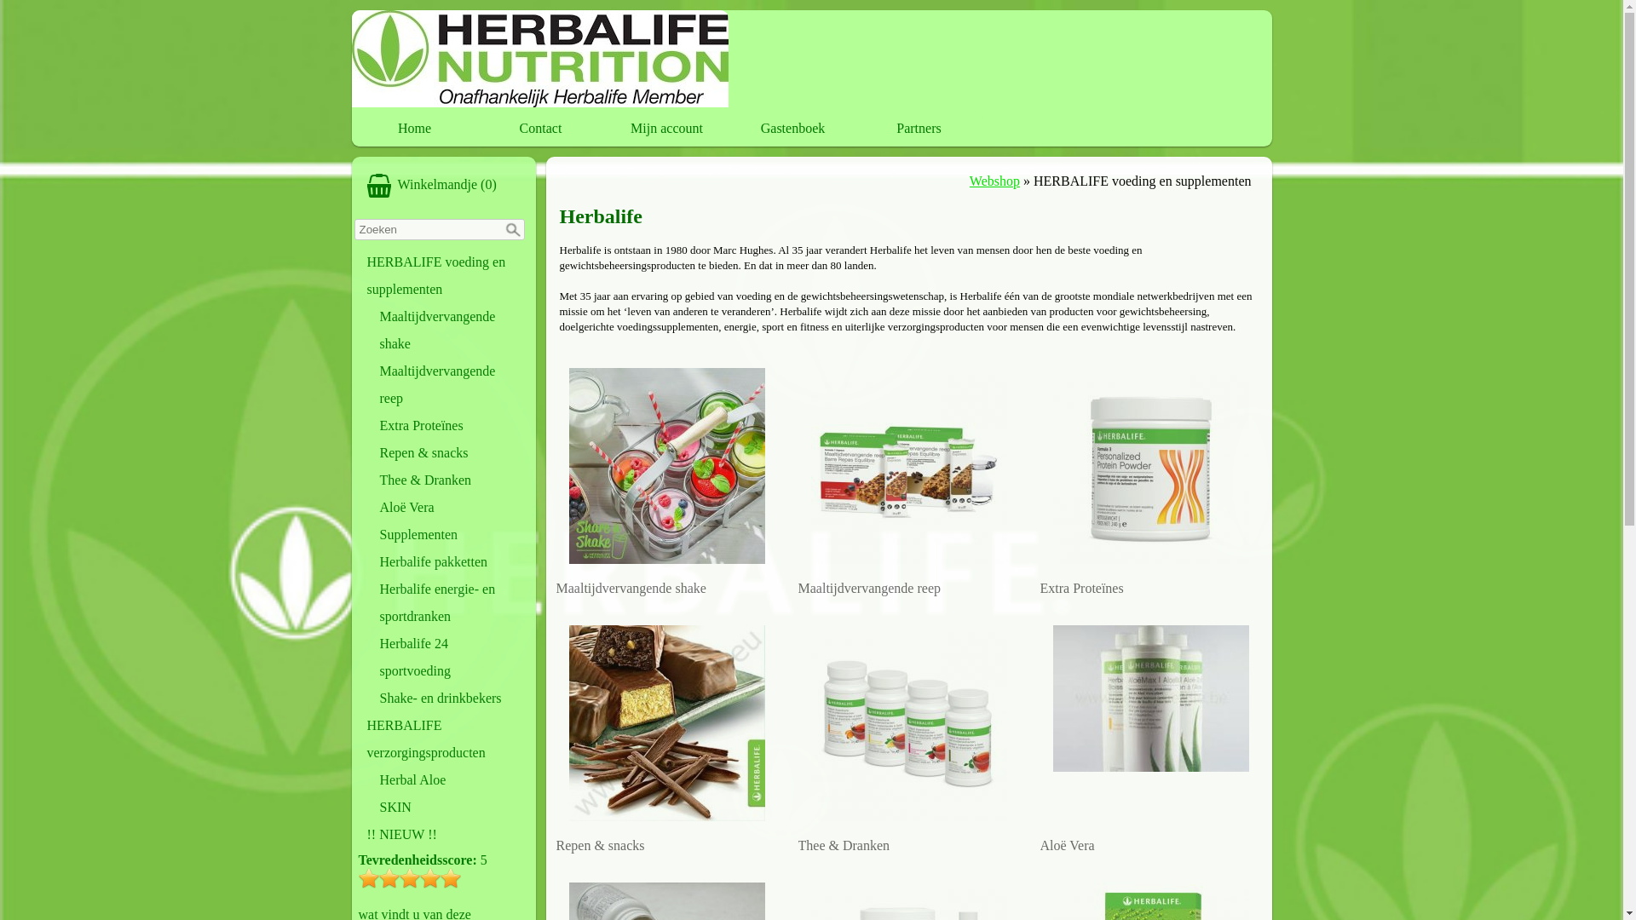 This screenshot has height=920, width=1636. I want to click on 'Gastenboek', so click(792, 127).